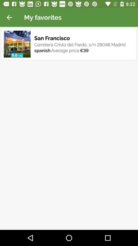 Image resolution: width=138 pixels, height=246 pixels. What do you see at coordinates (9, 17) in the screenshot?
I see `icon next to my favorites` at bounding box center [9, 17].